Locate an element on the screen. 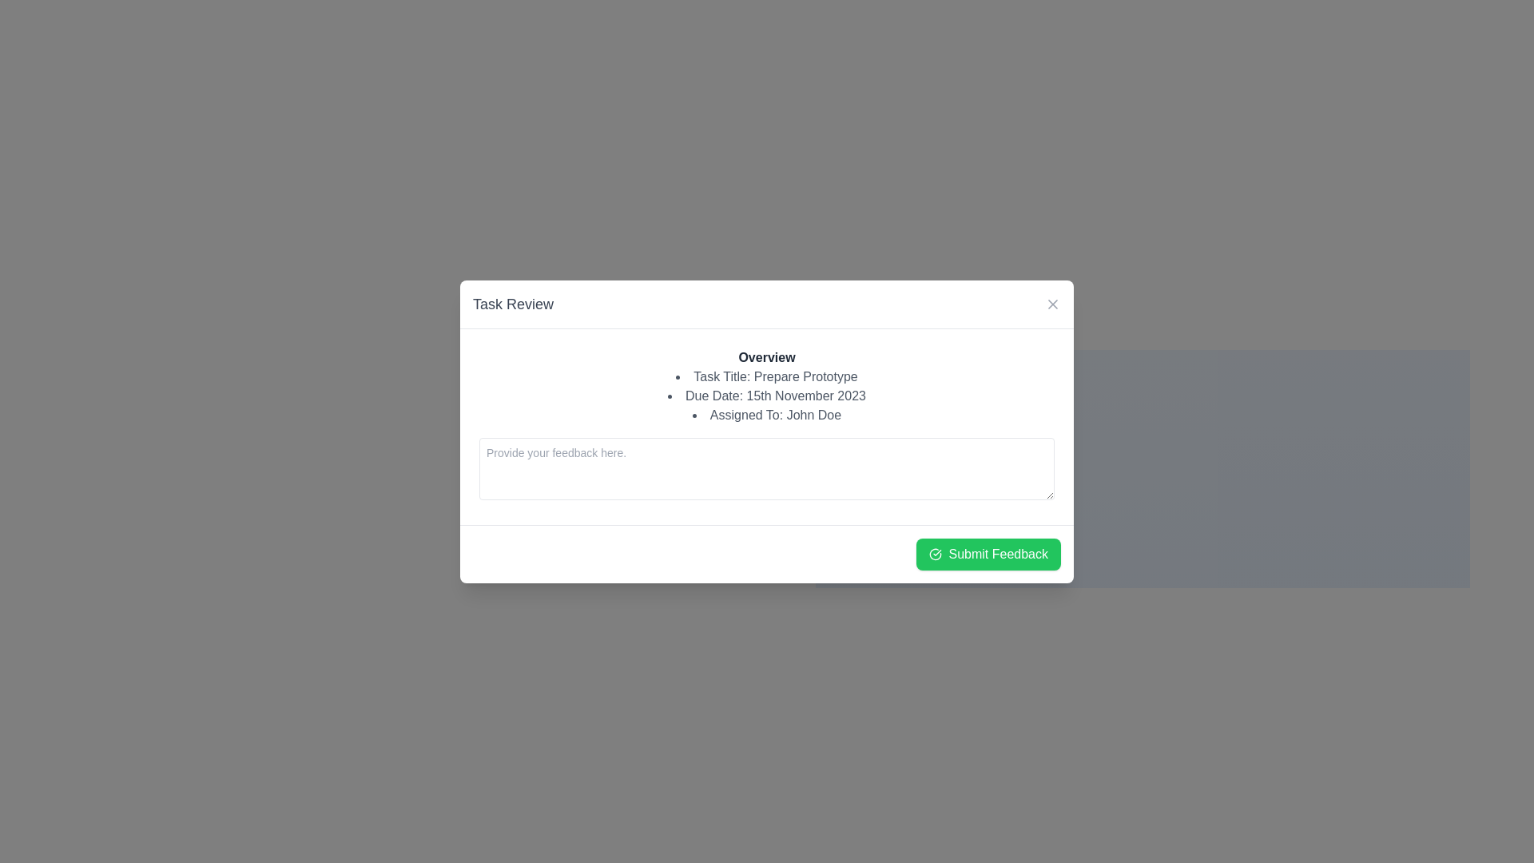 This screenshot has width=1534, height=863. the 'Submit Feedback' button with a green background and white text to change its color is located at coordinates (988, 553).